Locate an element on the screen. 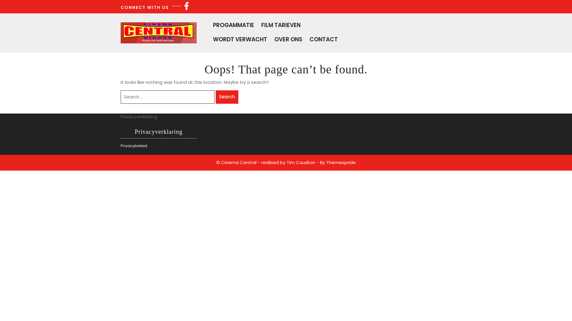 This screenshot has width=572, height=321. 'CONTACT' is located at coordinates (309, 39).